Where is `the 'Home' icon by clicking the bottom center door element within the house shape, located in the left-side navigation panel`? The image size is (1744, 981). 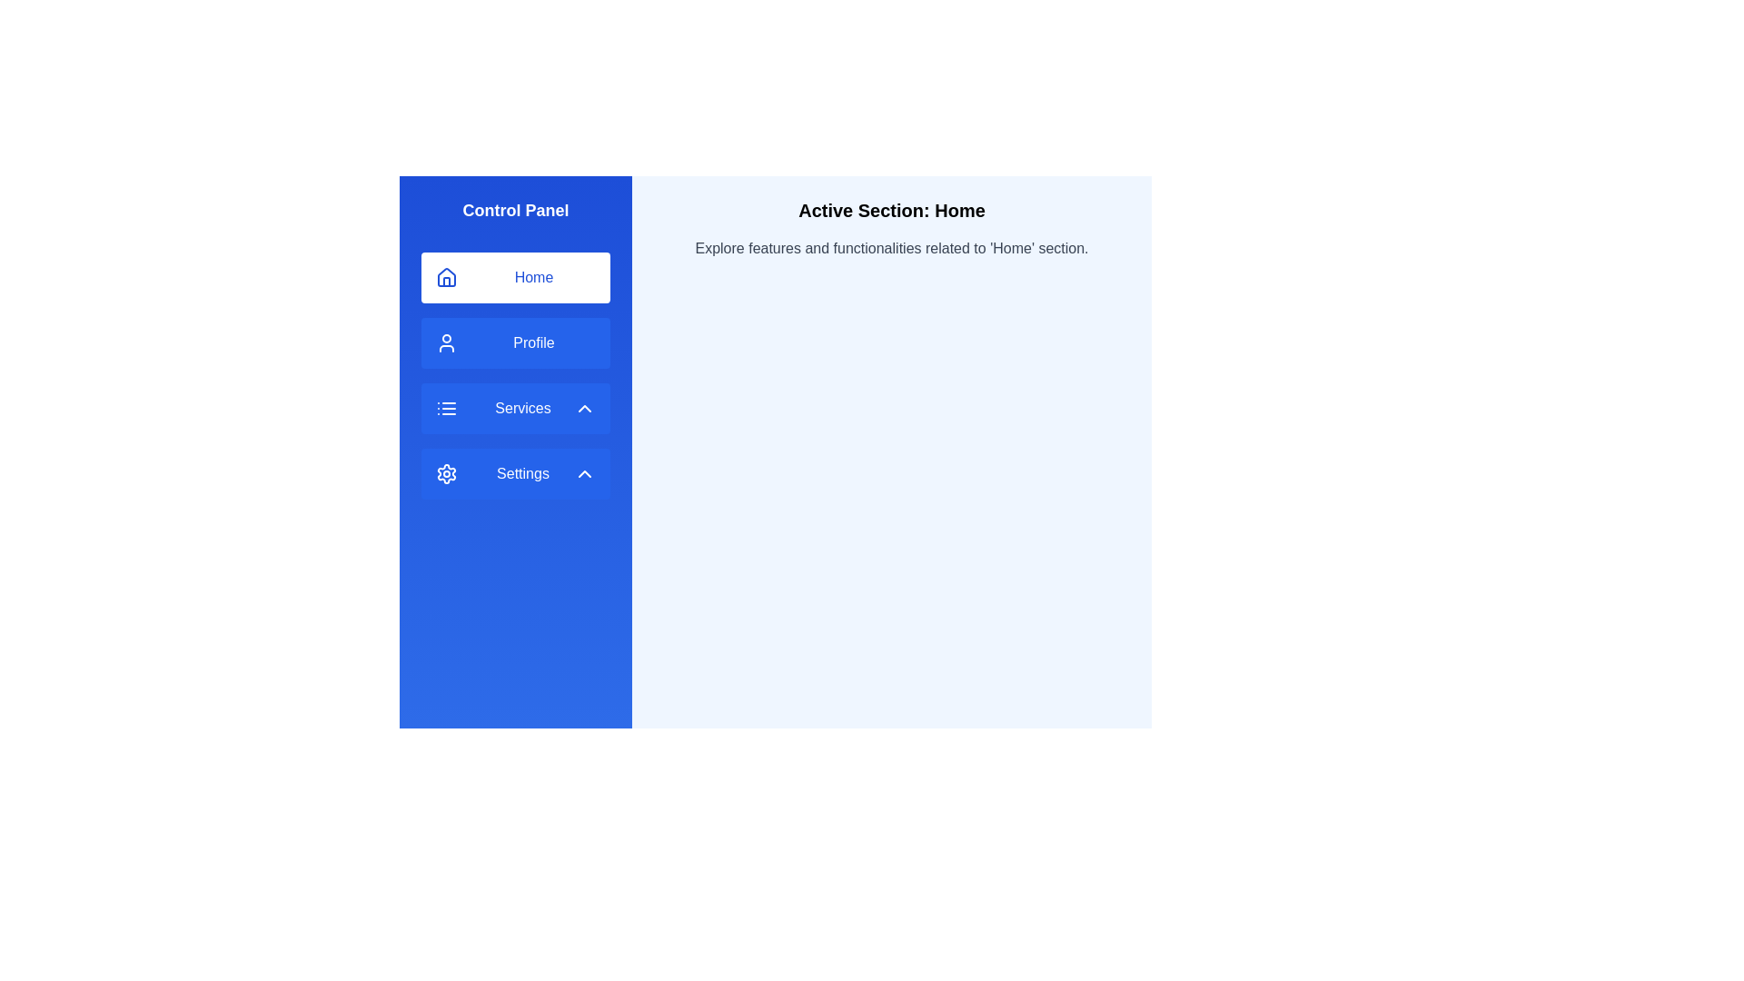 the 'Home' icon by clicking the bottom center door element within the house shape, located in the left-side navigation panel is located at coordinates (446, 282).